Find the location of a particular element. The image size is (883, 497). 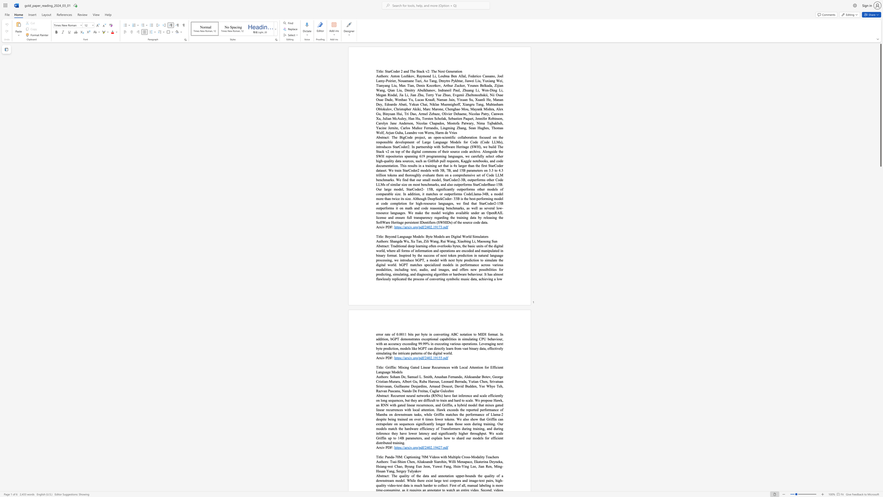

the scrollbar to scroll the page down is located at coordinates (880, 400).